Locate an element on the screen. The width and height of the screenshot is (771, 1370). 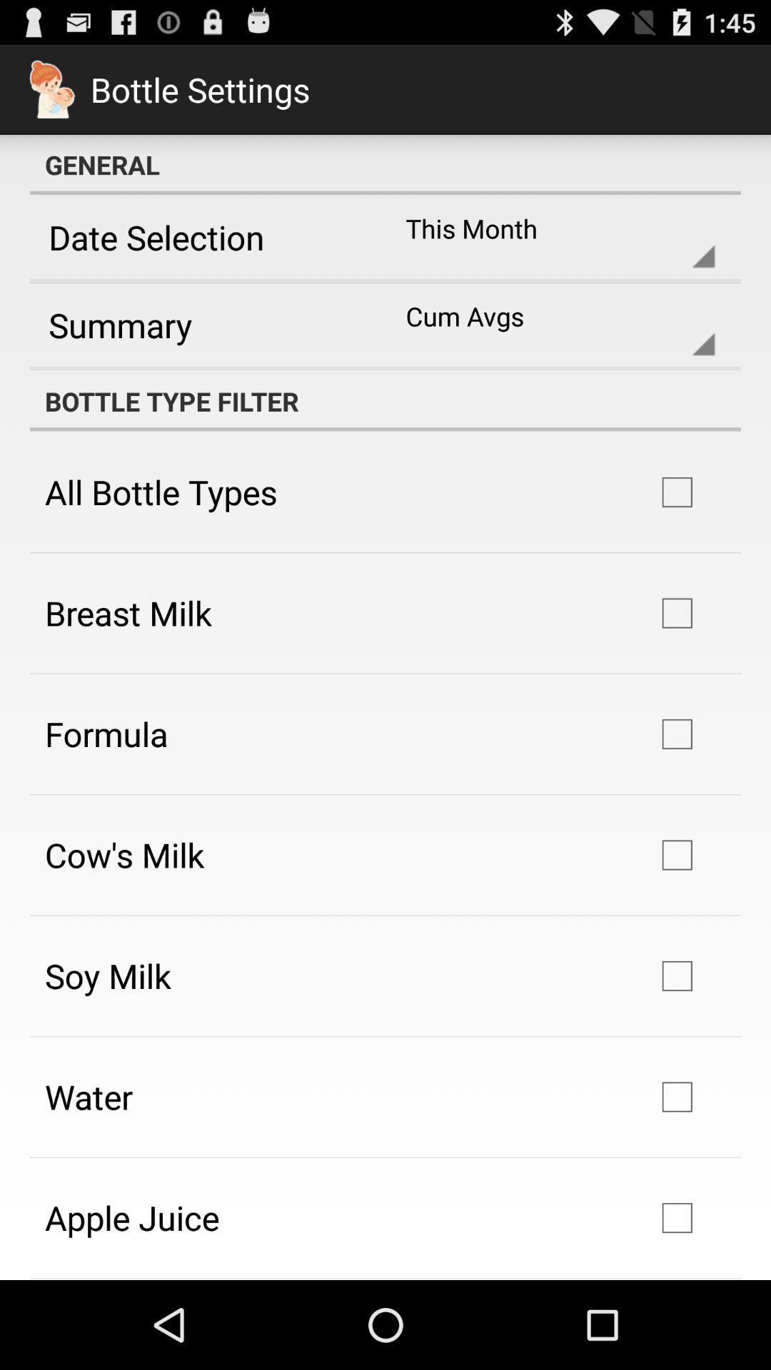
the apple juice is located at coordinates (132, 1217).